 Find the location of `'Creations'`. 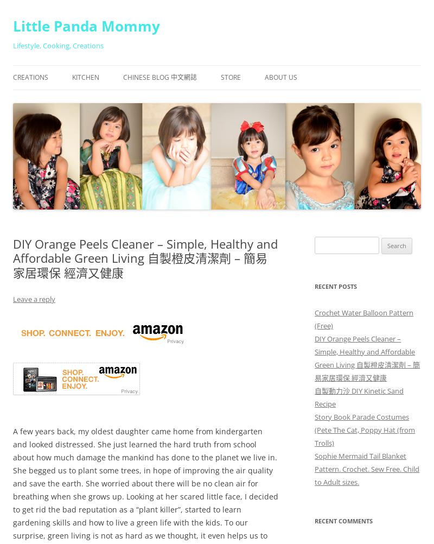

'Creations' is located at coordinates (30, 77).